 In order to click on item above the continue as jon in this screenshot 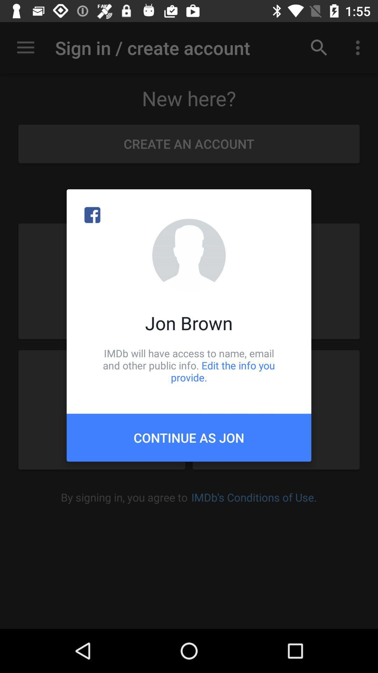, I will do `click(189, 365)`.